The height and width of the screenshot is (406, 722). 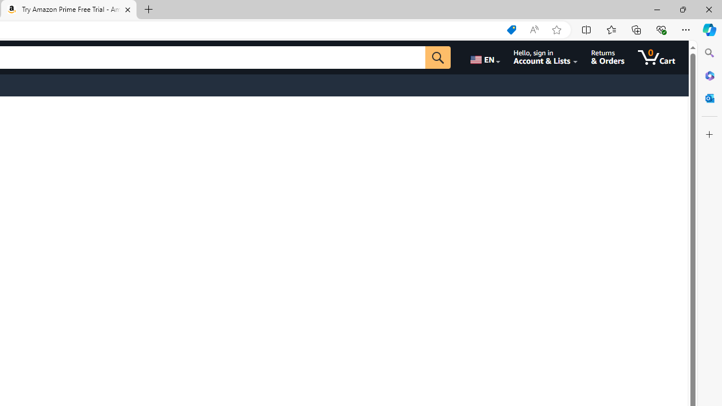 What do you see at coordinates (545, 57) in the screenshot?
I see `'Hello, sign in Account & Lists'` at bounding box center [545, 57].